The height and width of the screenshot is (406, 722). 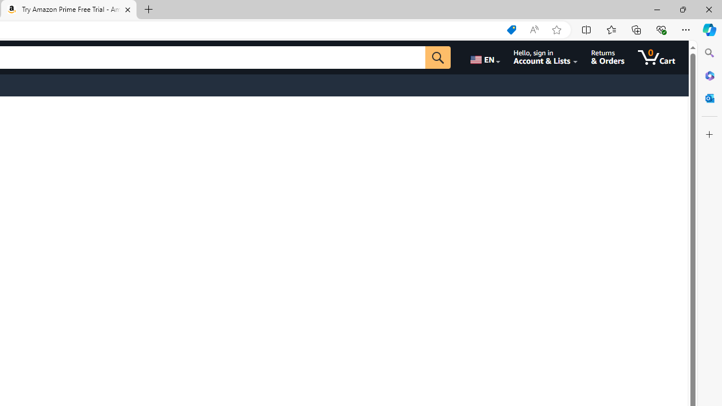 What do you see at coordinates (545, 57) in the screenshot?
I see `'Hello, sign in Account & Lists'` at bounding box center [545, 57].